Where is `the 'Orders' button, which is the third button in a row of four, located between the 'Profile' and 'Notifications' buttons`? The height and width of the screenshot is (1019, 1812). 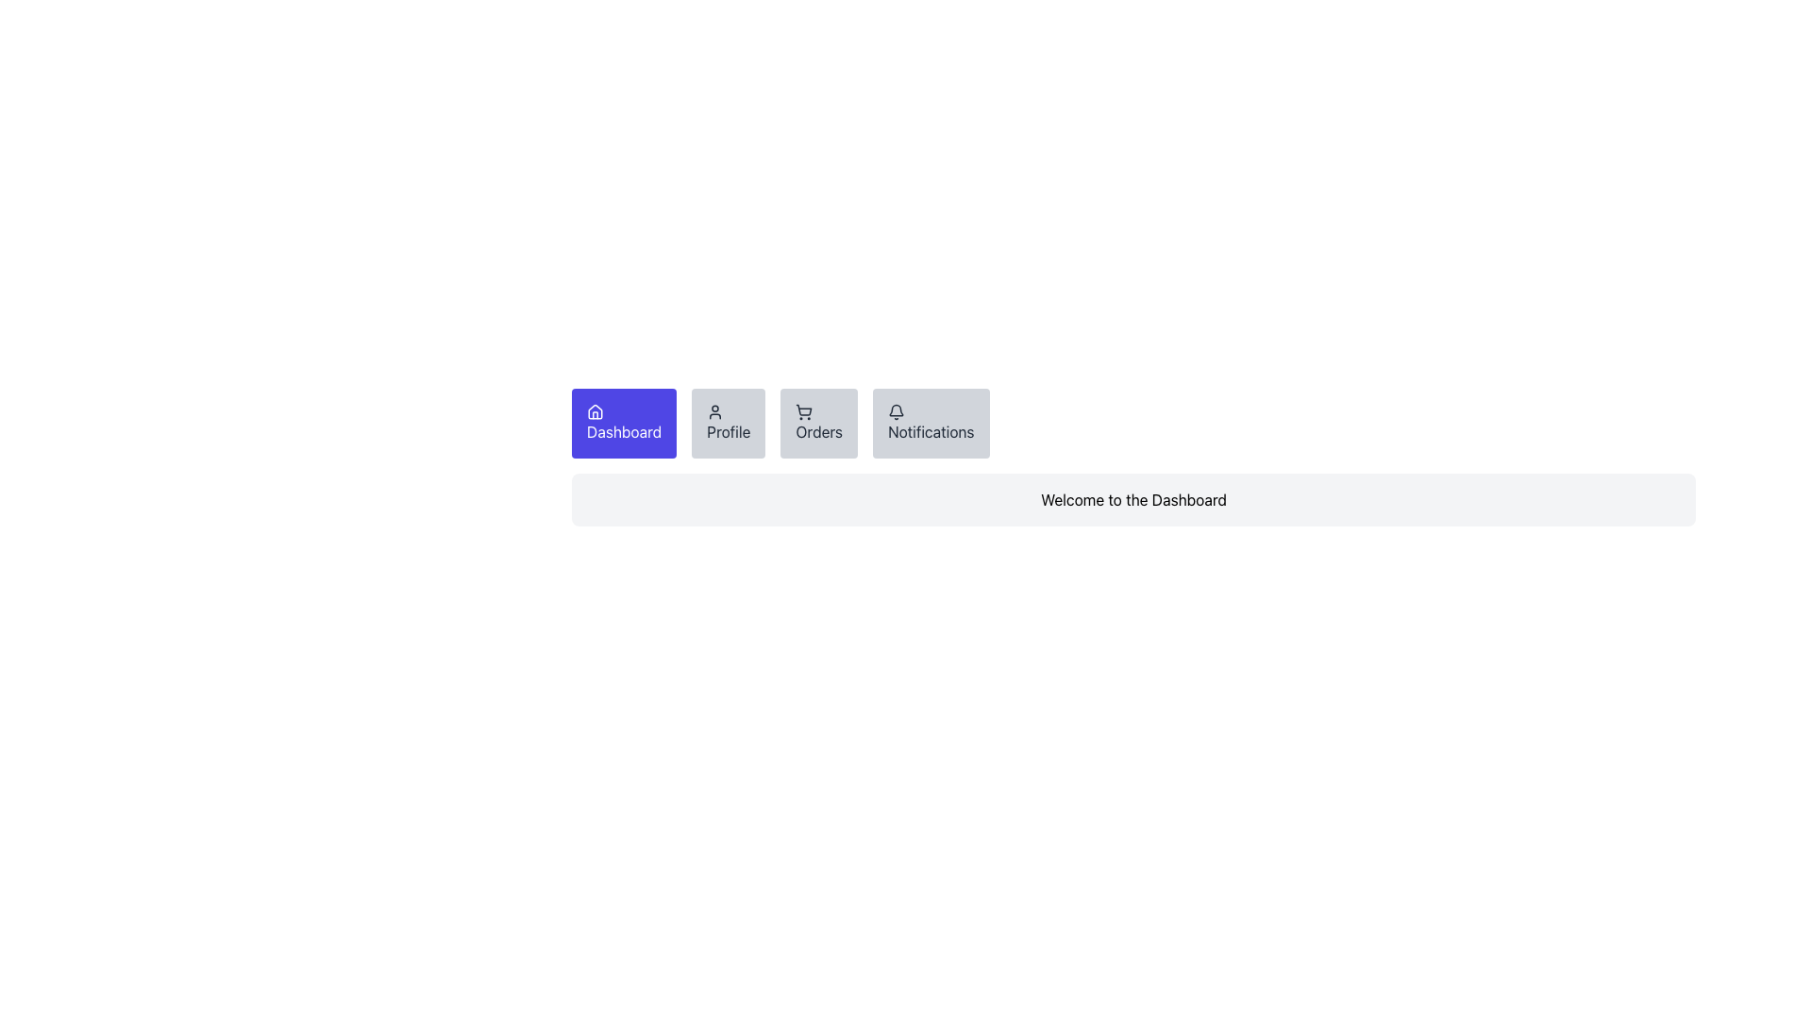
the 'Orders' button, which is the third button in a row of four, located between the 'Profile' and 'Notifications' buttons is located at coordinates (819, 422).